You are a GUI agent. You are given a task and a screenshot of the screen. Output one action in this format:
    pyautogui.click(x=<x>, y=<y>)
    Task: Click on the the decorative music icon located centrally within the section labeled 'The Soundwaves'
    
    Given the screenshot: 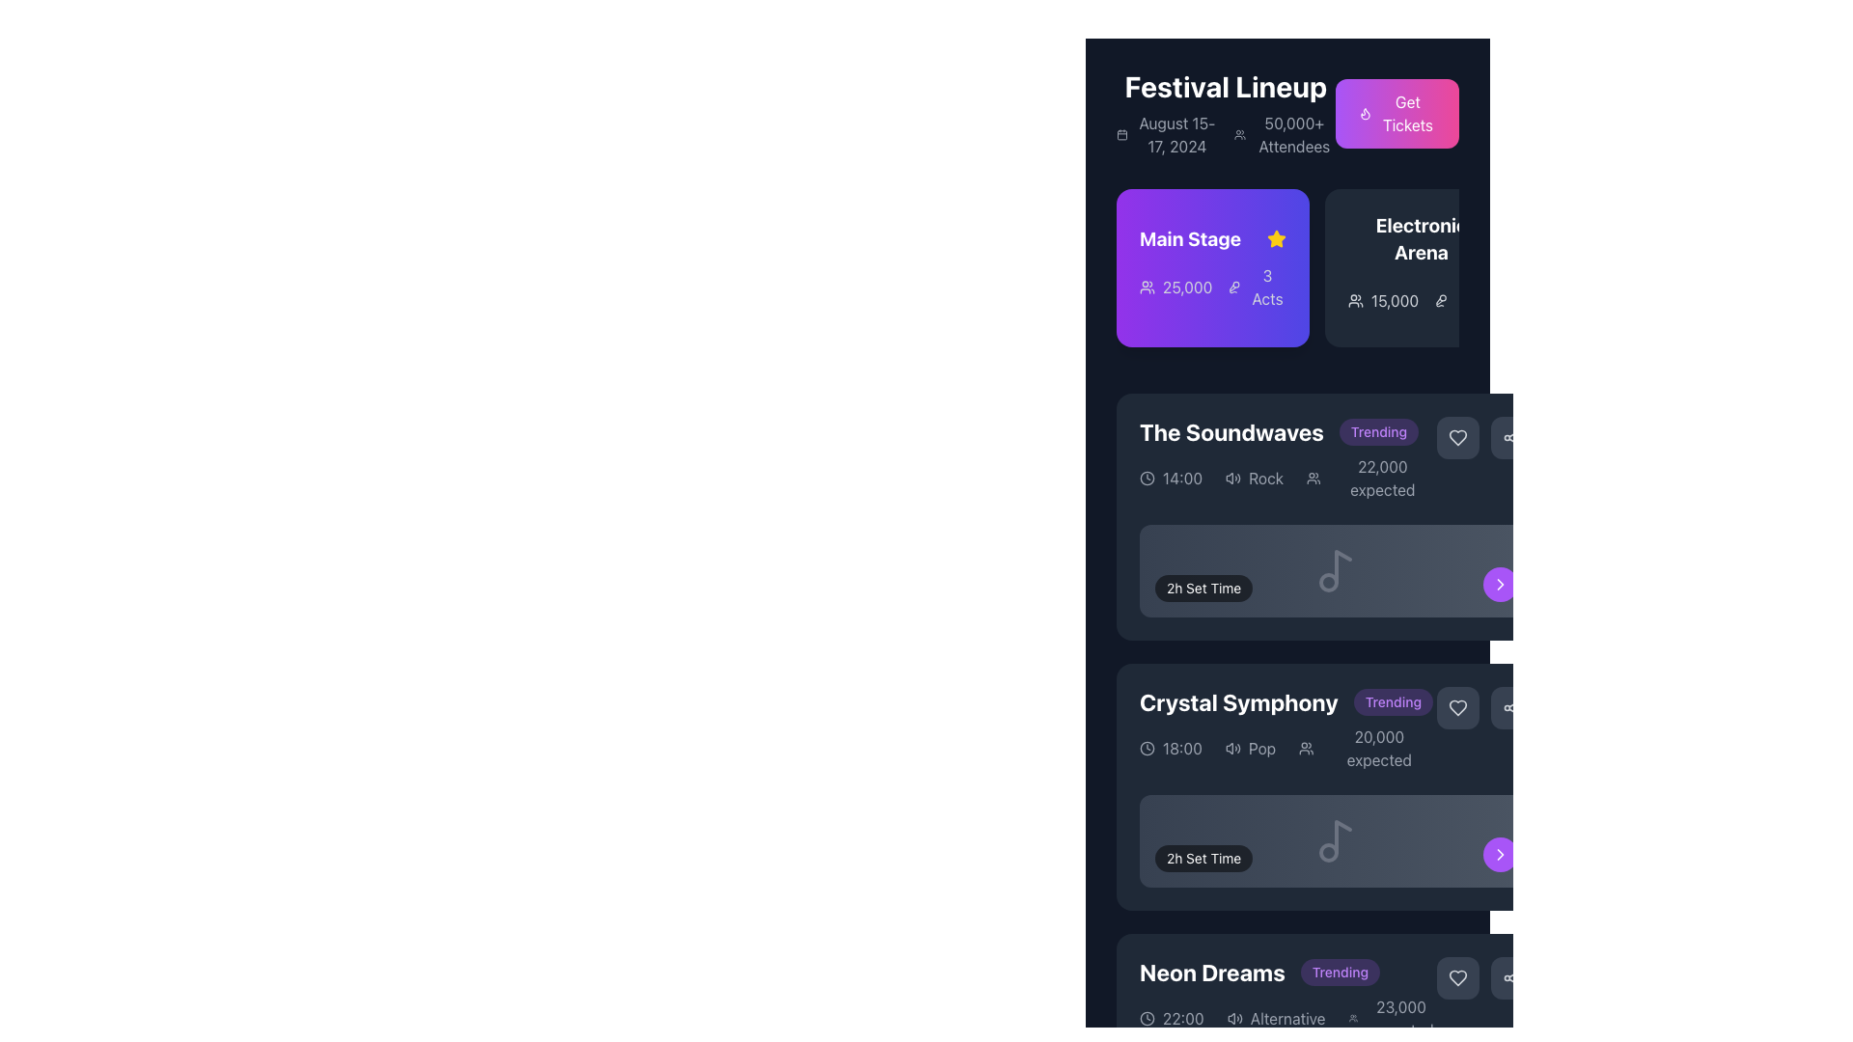 What is the action you would take?
    pyautogui.click(x=1335, y=569)
    